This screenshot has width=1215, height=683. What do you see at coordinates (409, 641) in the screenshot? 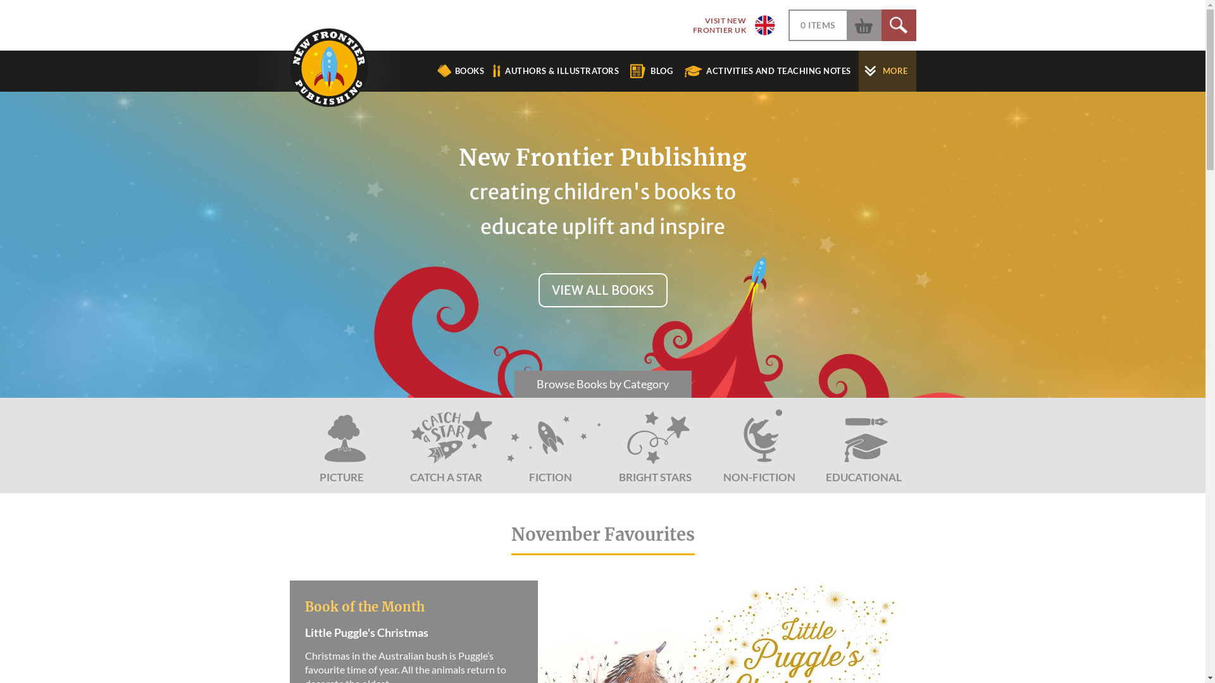
I see `'Little Puggle's Christmas'` at bounding box center [409, 641].